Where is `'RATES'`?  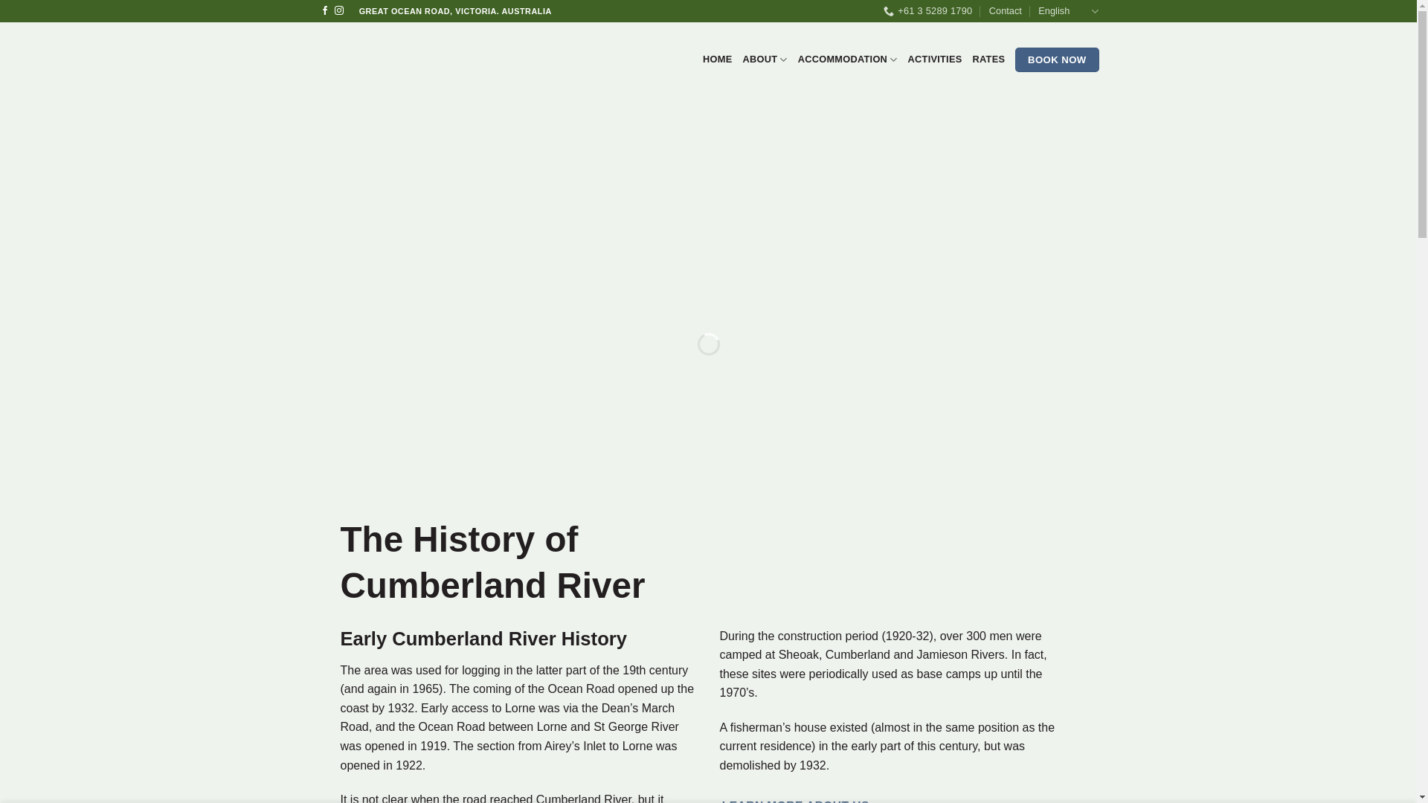
'RATES' is located at coordinates (988, 59).